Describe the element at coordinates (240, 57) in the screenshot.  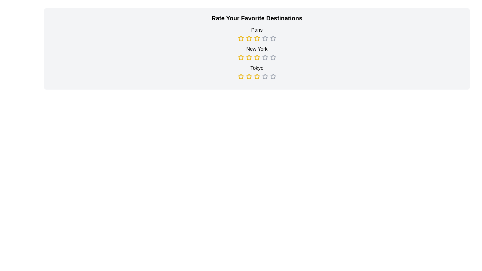
I see `the second yellow star icon in the rating system under the 'New York' section` at that location.